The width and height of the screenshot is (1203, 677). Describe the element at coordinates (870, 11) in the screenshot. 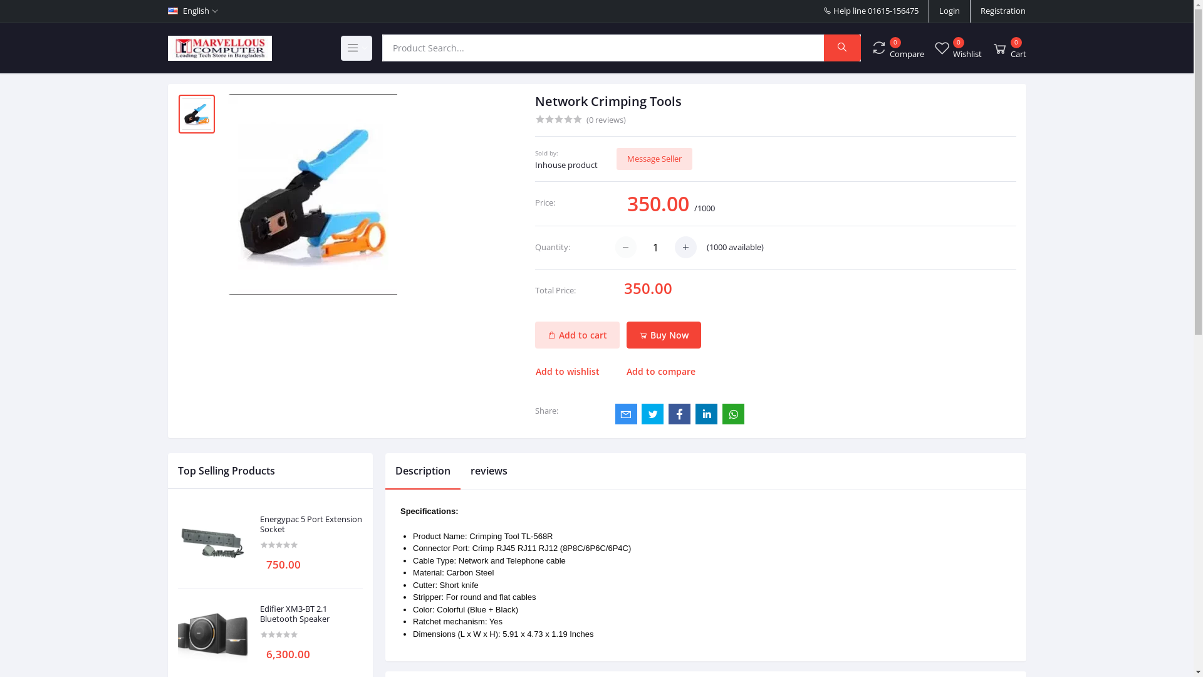

I see `'Help line 01615-156475'` at that location.